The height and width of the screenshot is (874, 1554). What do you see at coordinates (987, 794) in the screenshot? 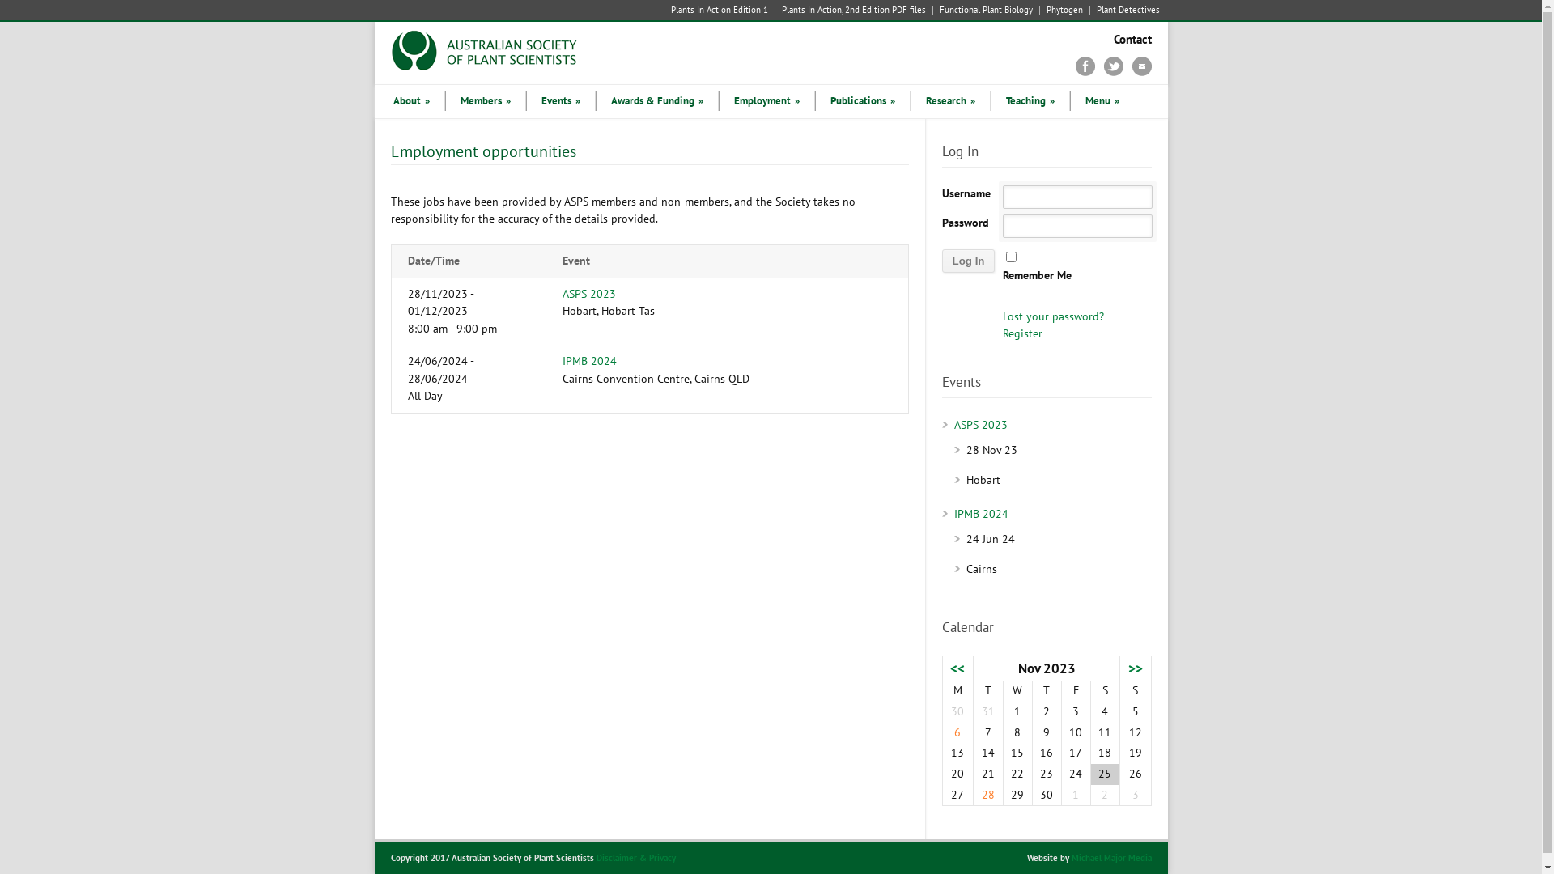
I see `'28'` at bounding box center [987, 794].